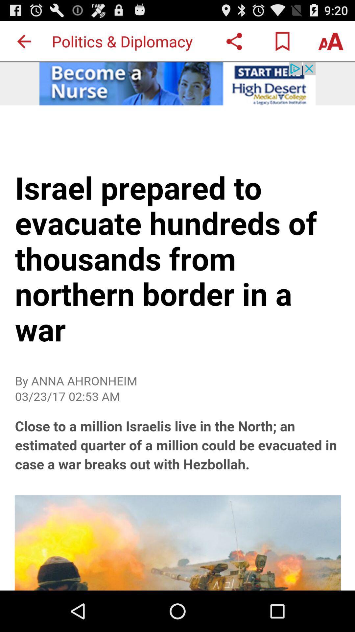 This screenshot has height=632, width=355. I want to click on share the article, so click(234, 41).